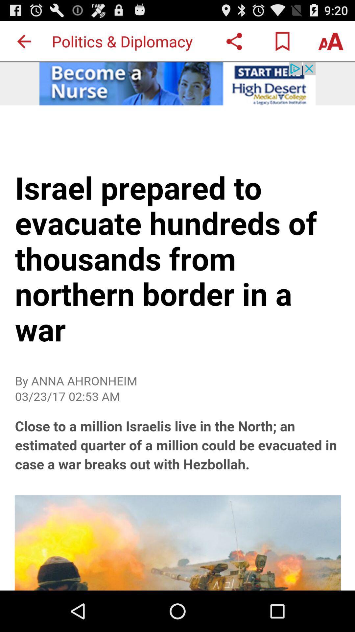 This screenshot has height=632, width=355. I want to click on share the article, so click(234, 41).